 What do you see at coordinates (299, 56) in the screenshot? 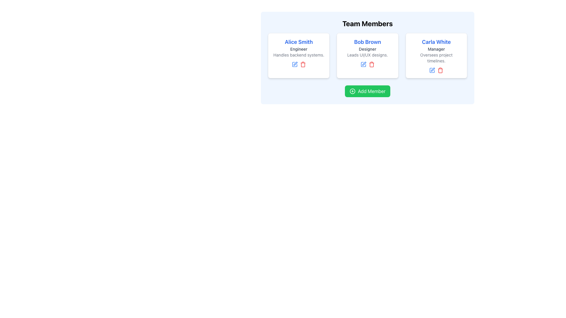
I see `the team member card located in the 'Team Members' section` at bounding box center [299, 56].